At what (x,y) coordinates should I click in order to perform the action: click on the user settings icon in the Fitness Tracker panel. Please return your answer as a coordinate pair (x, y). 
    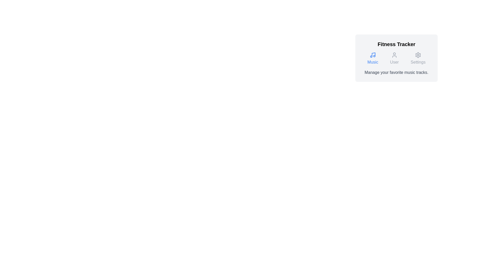
    Looking at the image, I should click on (394, 55).